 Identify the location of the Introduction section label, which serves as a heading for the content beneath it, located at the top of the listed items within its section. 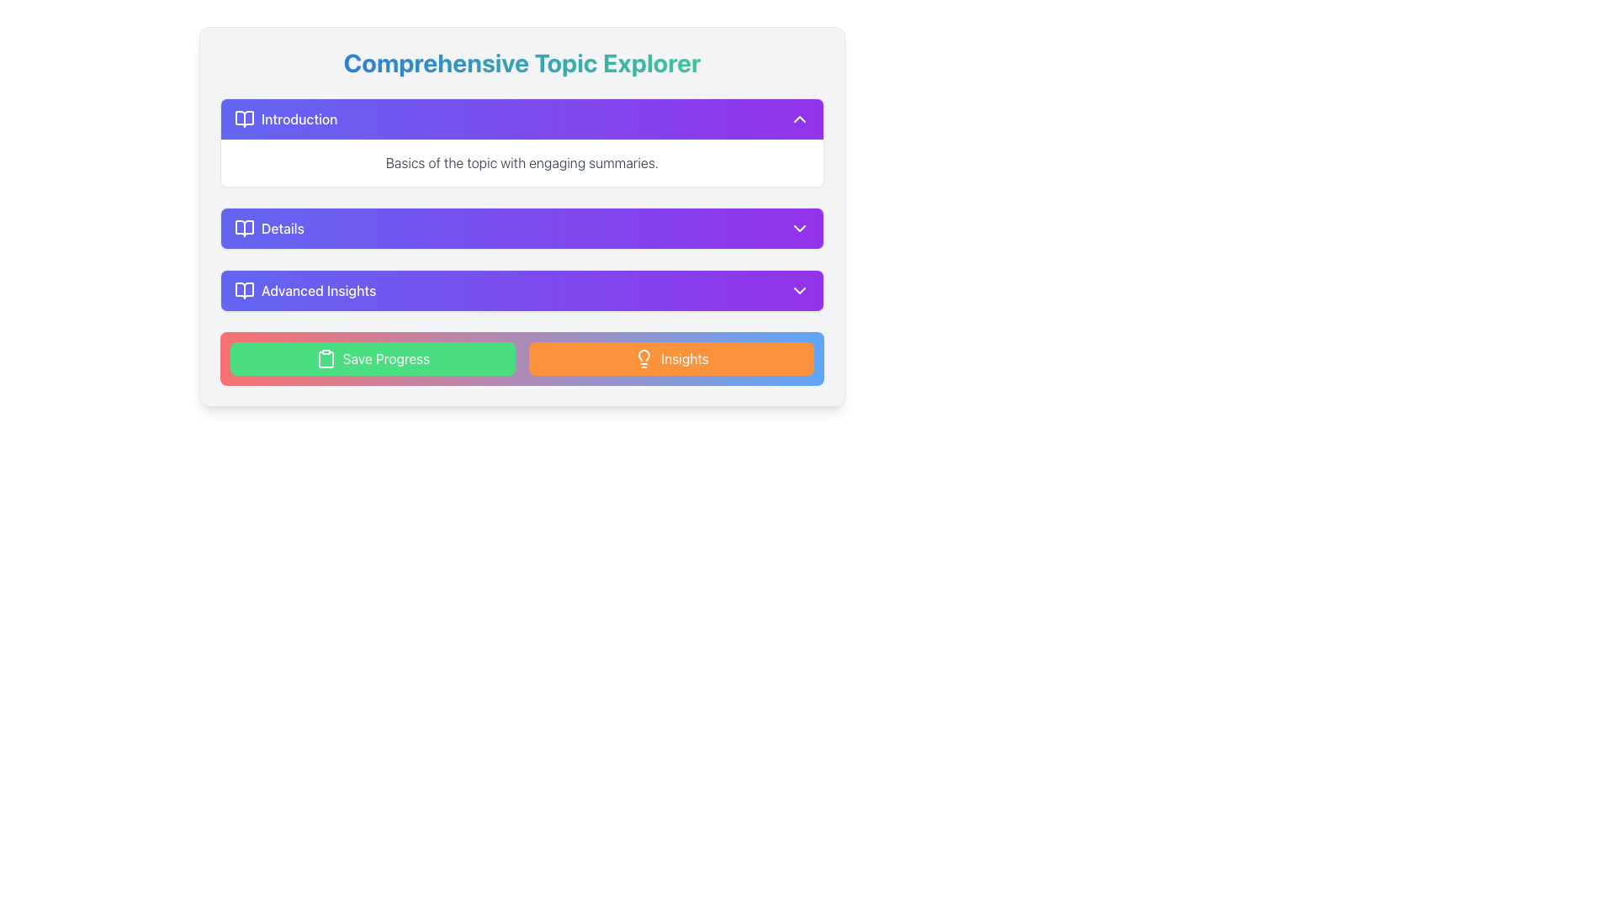
(286, 119).